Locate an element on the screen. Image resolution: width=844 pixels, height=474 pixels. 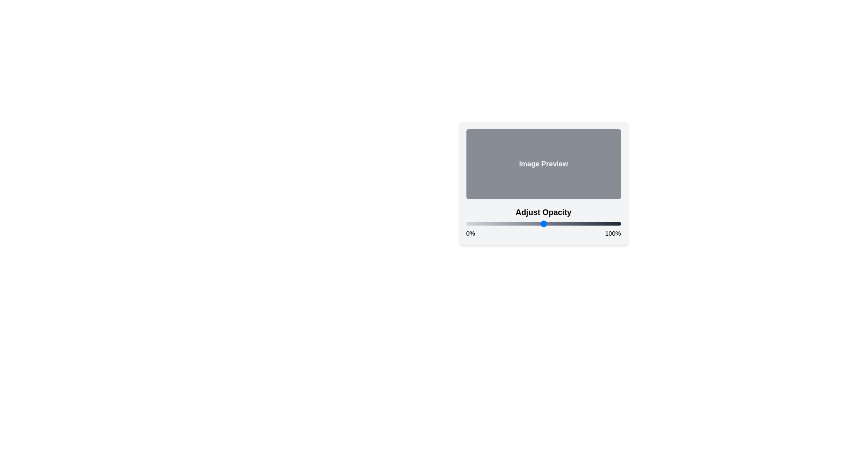
the opacity is located at coordinates (472, 223).